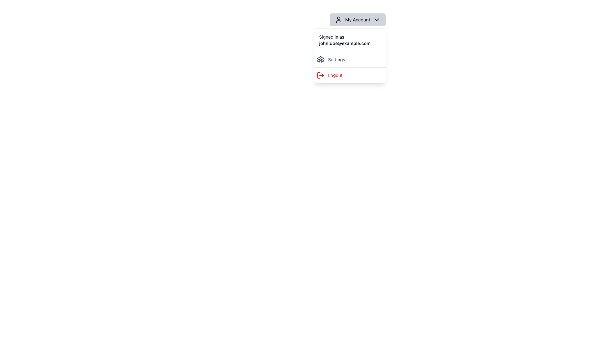 This screenshot has width=613, height=345. What do you see at coordinates (349, 75) in the screenshot?
I see `the 'Logout' button located beneath the 'Settings' option in the dropdown menu under 'My Account'` at bounding box center [349, 75].